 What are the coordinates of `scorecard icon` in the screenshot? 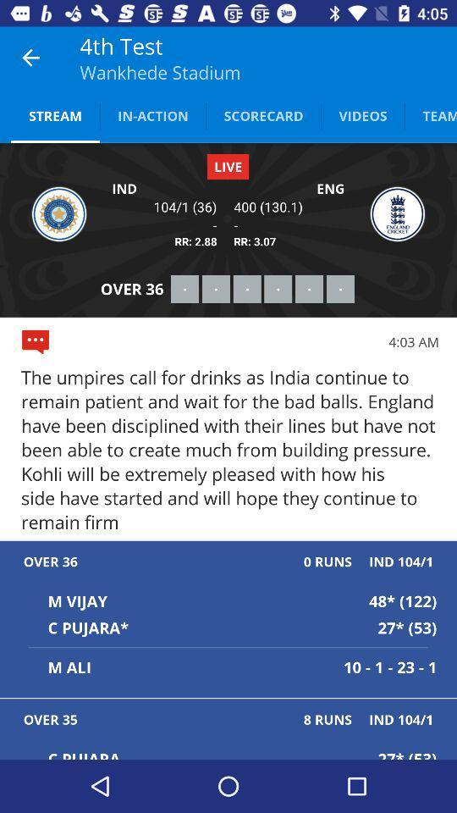 It's located at (263, 114).